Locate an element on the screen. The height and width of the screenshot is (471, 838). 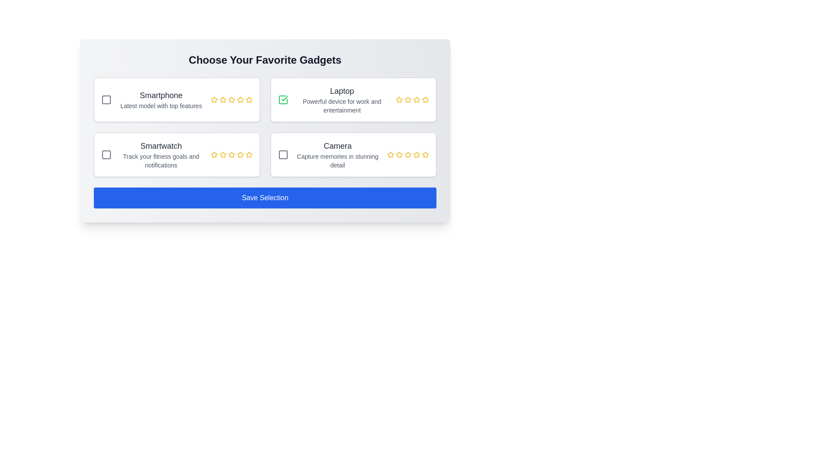
the fifth star icon is located at coordinates (240, 154).